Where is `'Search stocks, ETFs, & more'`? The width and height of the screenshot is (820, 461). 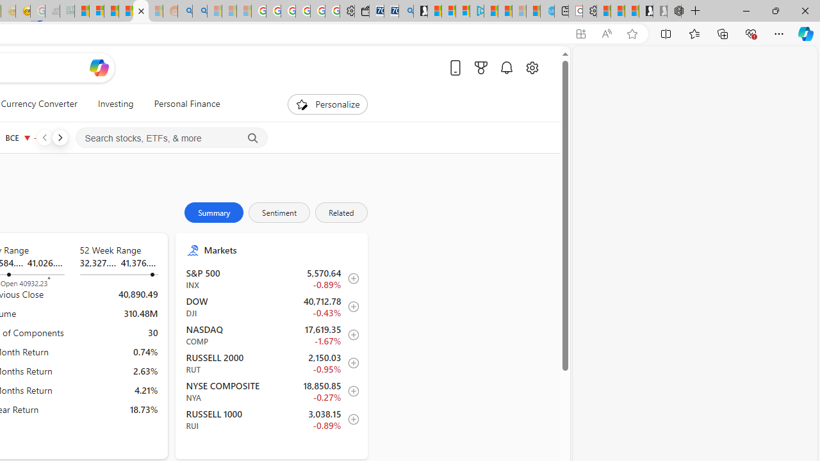 'Search stocks, ETFs, & more' is located at coordinates (171, 138).